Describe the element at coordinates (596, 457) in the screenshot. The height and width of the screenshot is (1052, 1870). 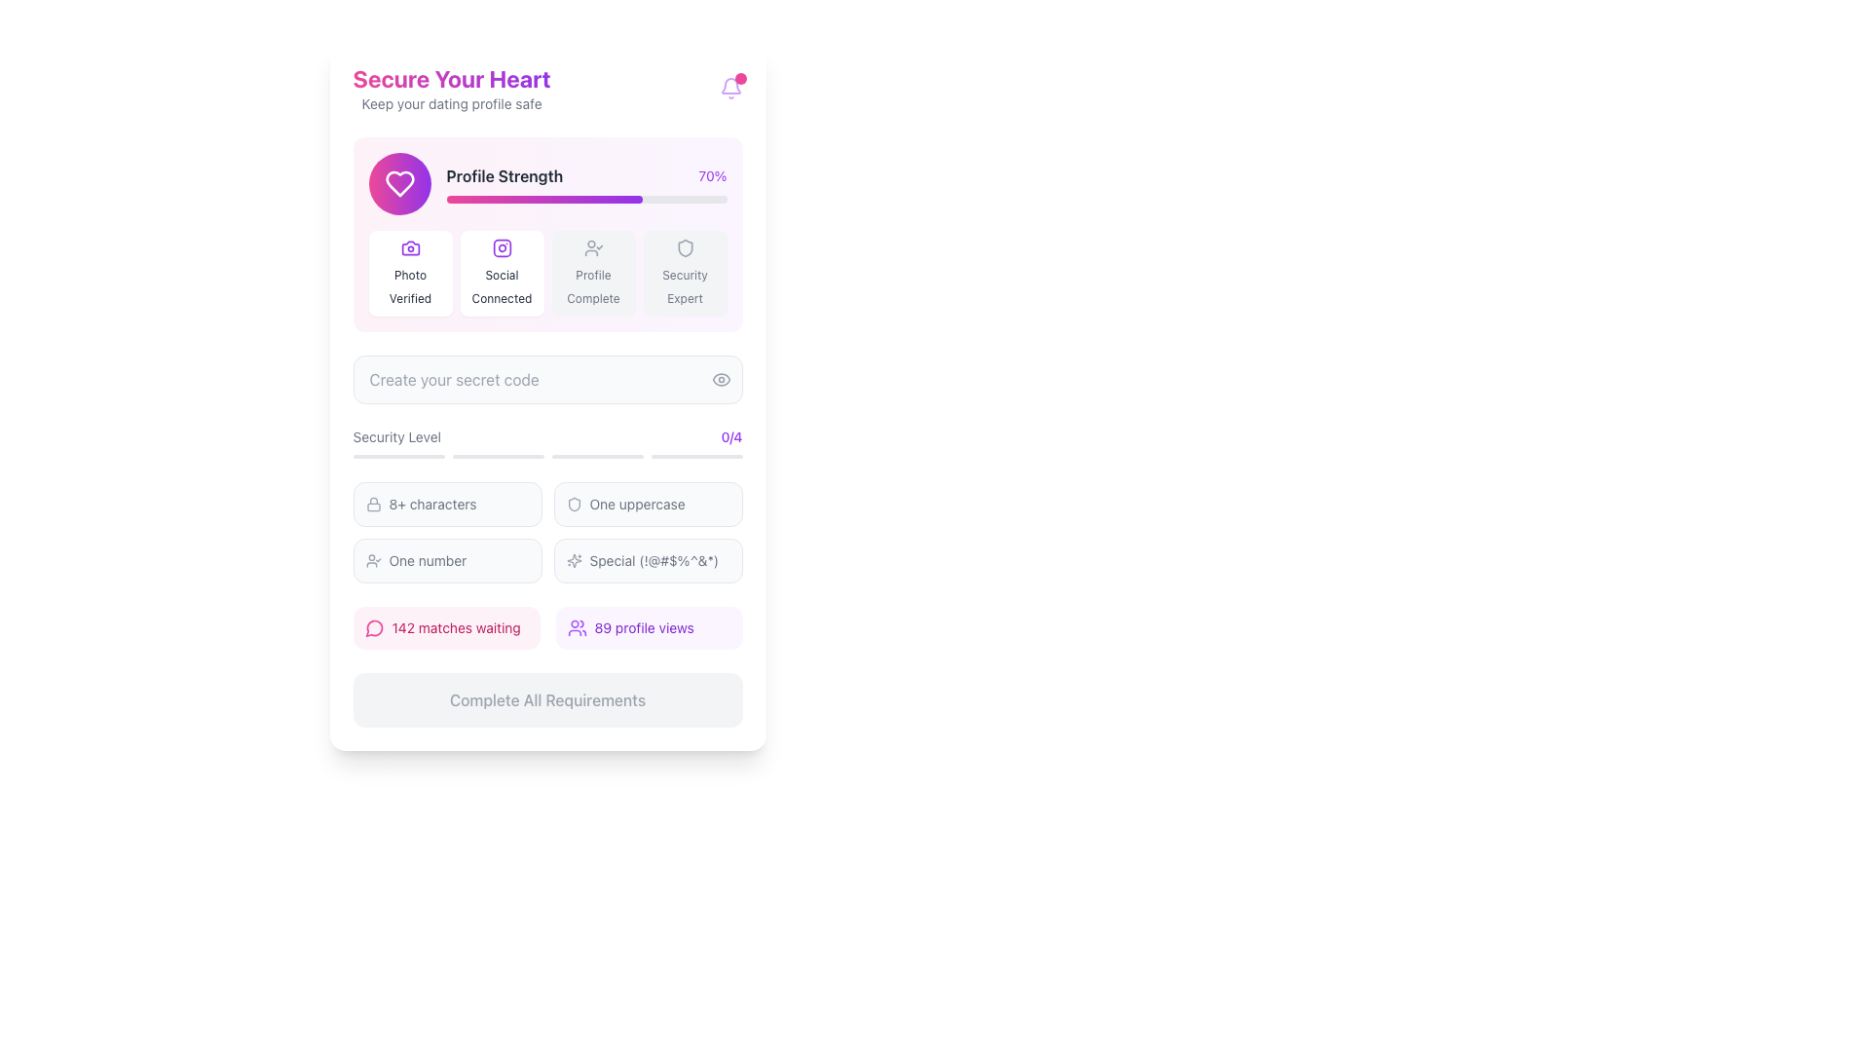
I see `the third progress indicator bar, which is a thin, horizontally elongated rectangle with rounded ends, filled with a light gray color, located near the center-bottom of the interface` at that location.